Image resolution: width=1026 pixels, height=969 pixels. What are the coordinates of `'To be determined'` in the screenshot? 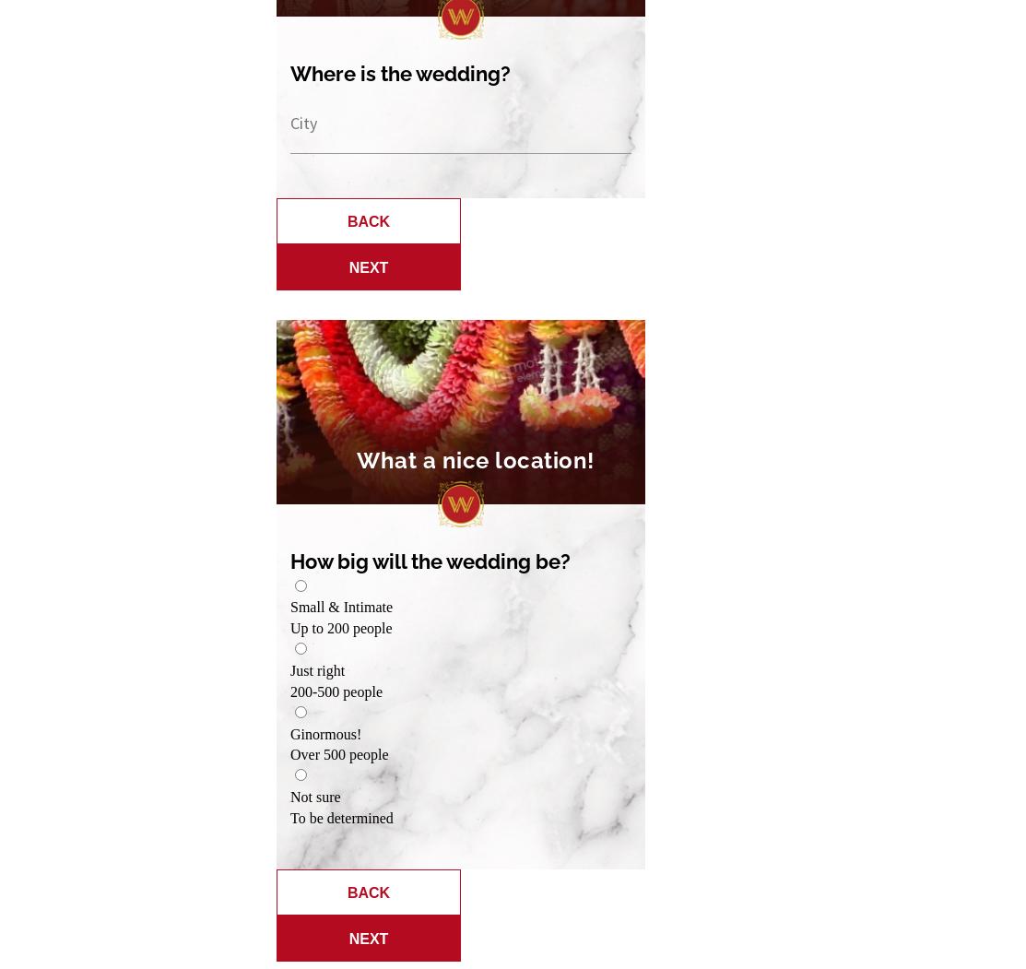 It's located at (341, 816).